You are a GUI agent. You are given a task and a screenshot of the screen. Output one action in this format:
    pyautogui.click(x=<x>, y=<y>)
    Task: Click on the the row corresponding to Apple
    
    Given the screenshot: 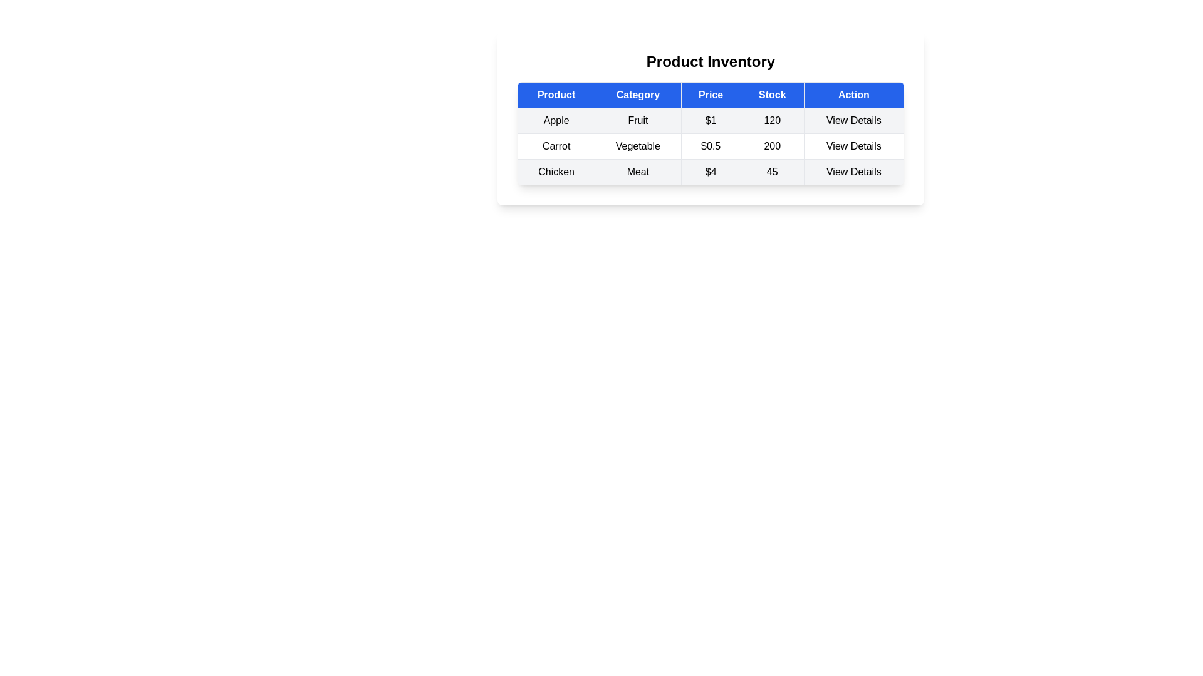 What is the action you would take?
    pyautogui.click(x=711, y=120)
    